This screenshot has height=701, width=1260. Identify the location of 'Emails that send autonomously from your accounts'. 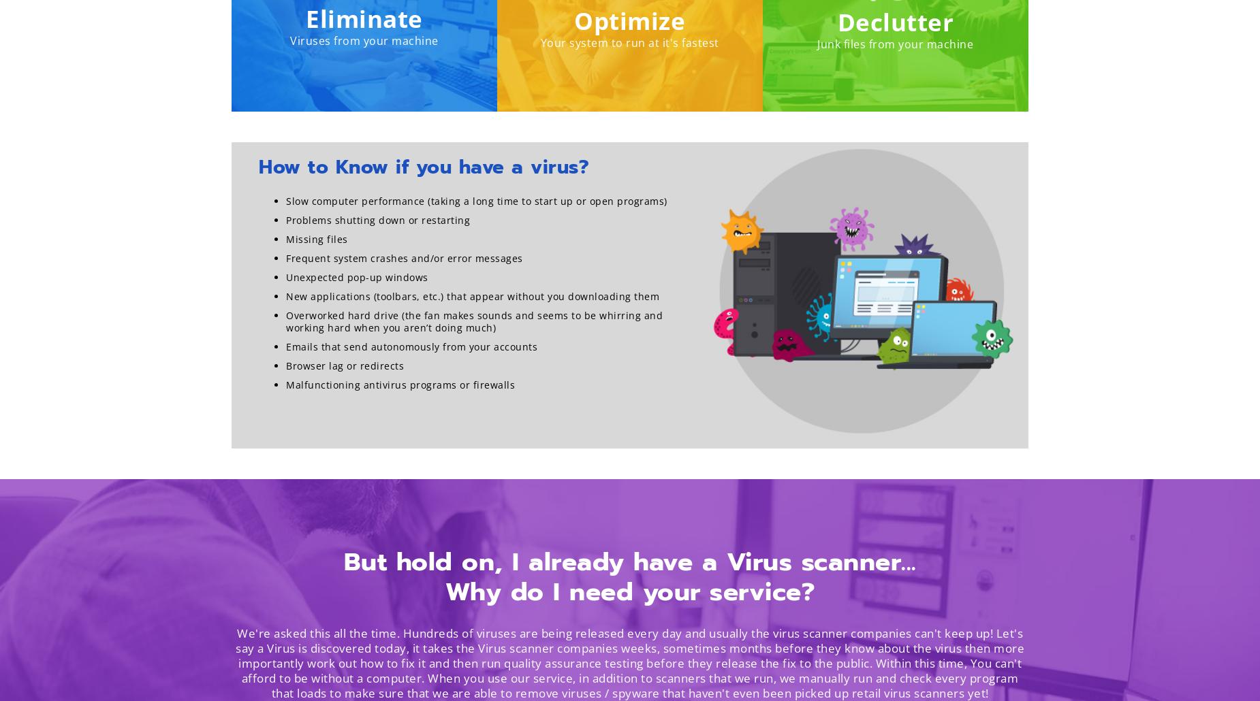
(411, 346).